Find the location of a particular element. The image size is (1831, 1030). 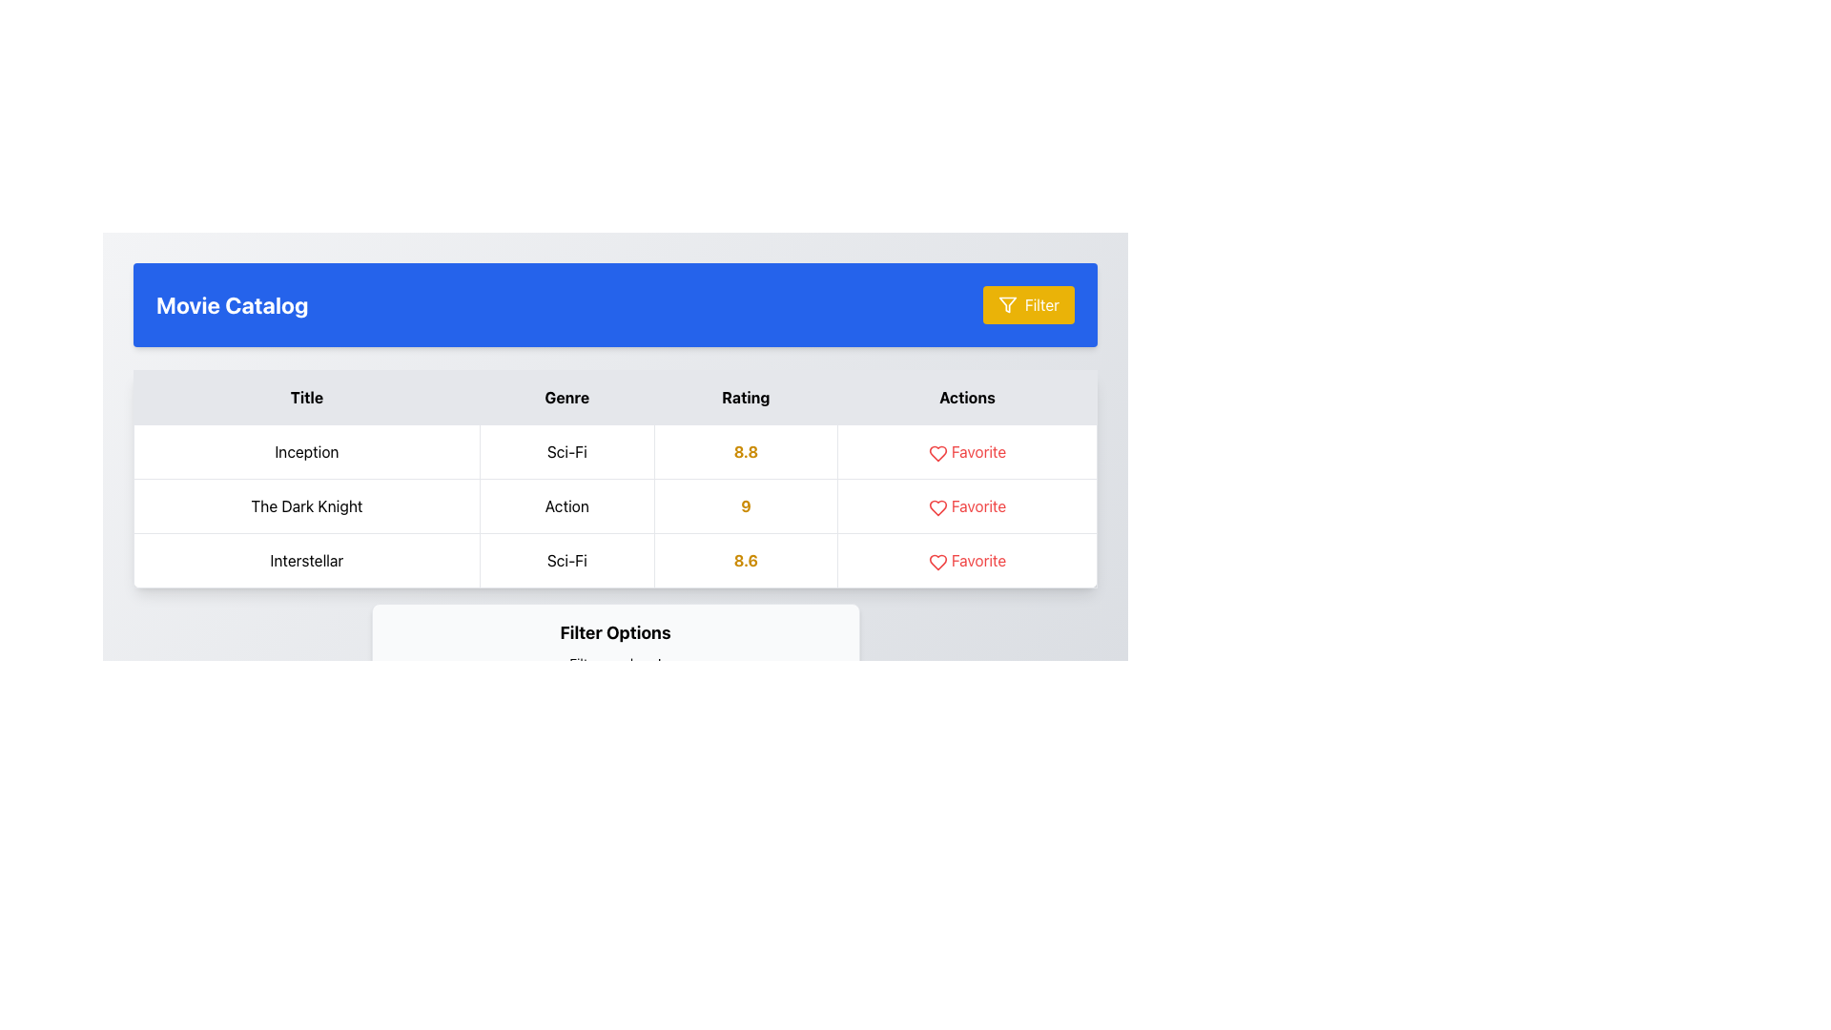

the 'Filter' button located in the upper right corner of the blue header bar is located at coordinates (1040, 304).